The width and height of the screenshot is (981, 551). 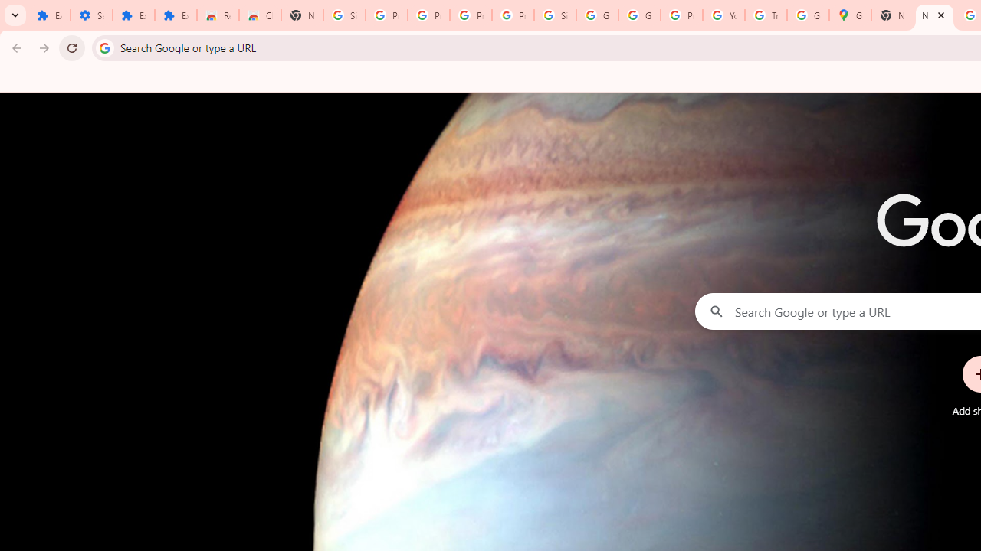 I want to click on 'Chrome Web Store - Themes', so click(x=260, y=15).